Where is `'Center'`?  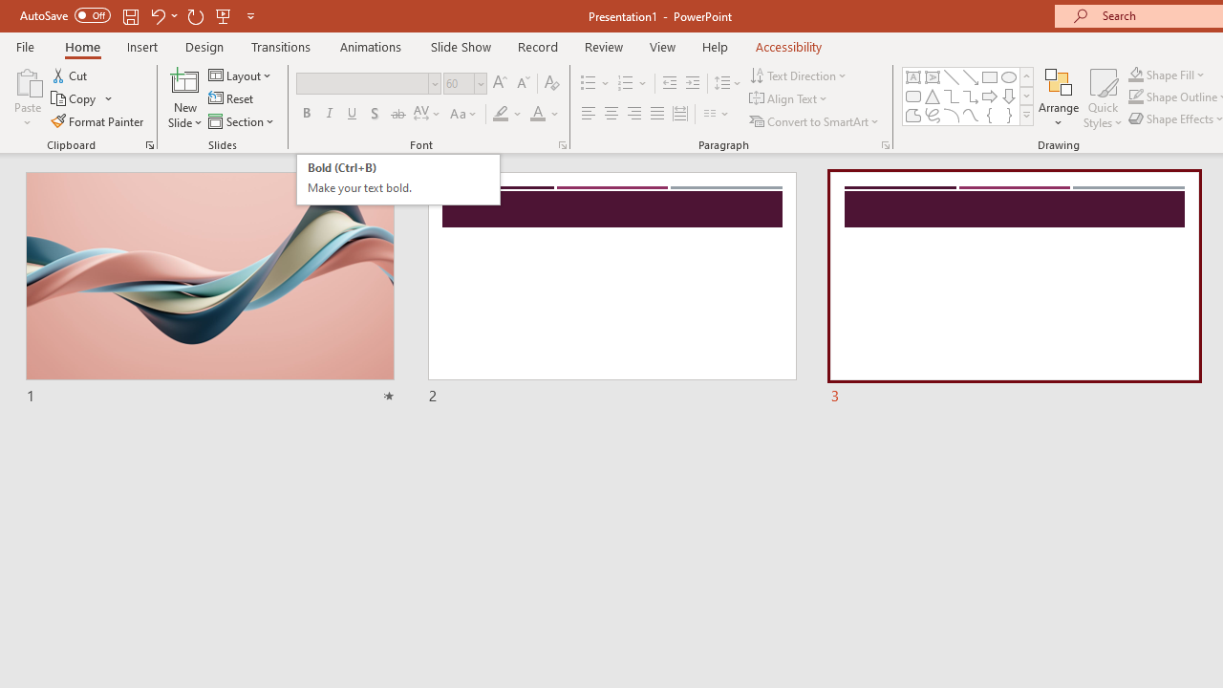 'Center' is located at coordinates (611, 114).